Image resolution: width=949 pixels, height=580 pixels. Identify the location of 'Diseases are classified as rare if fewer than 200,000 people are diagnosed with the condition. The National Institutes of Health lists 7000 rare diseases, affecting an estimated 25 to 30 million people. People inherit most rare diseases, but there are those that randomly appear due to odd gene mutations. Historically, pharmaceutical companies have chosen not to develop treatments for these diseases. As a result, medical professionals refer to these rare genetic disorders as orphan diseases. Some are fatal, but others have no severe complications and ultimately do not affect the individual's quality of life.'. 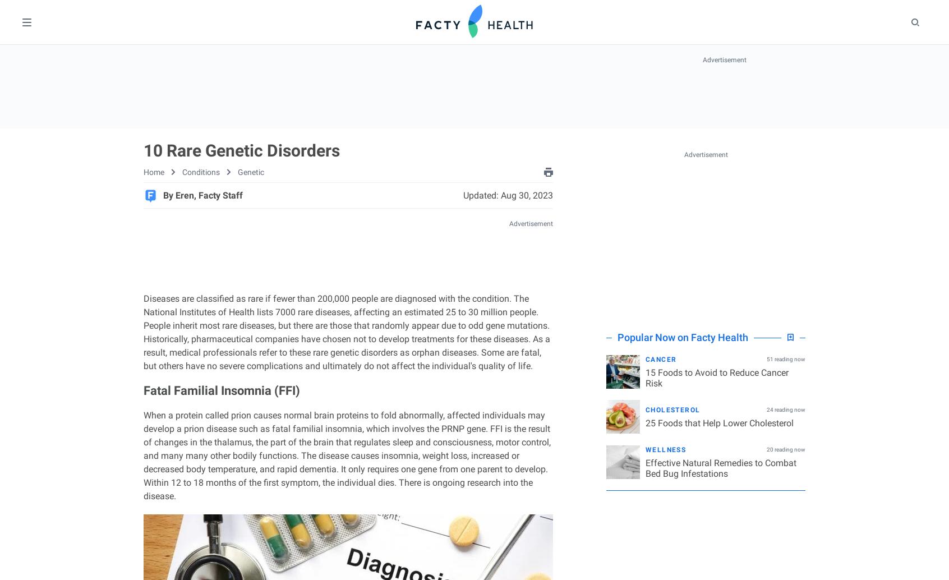
(143, 332).